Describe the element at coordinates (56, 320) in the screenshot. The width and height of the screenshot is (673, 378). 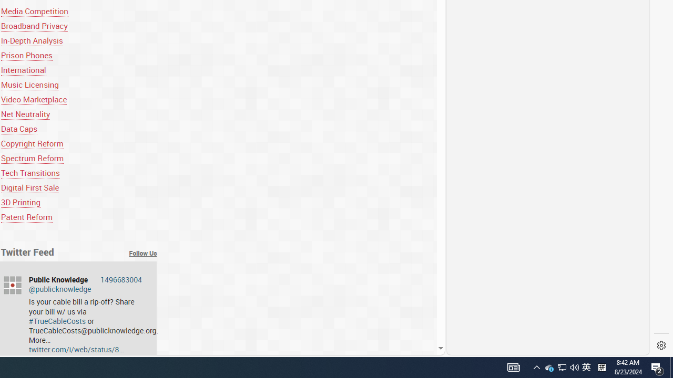
I see `'#TrueCableCosts'` at that location.